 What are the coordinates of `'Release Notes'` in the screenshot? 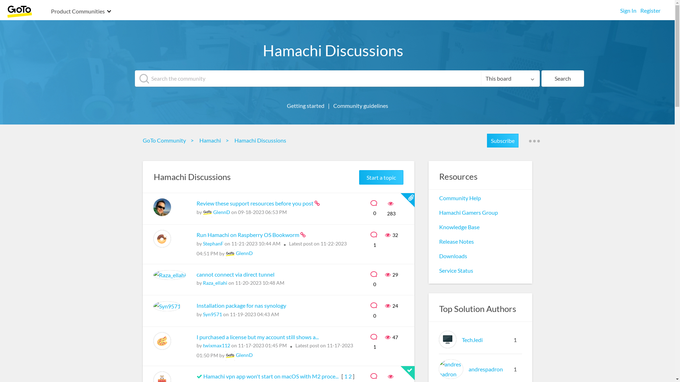 It's located at (457, 241).